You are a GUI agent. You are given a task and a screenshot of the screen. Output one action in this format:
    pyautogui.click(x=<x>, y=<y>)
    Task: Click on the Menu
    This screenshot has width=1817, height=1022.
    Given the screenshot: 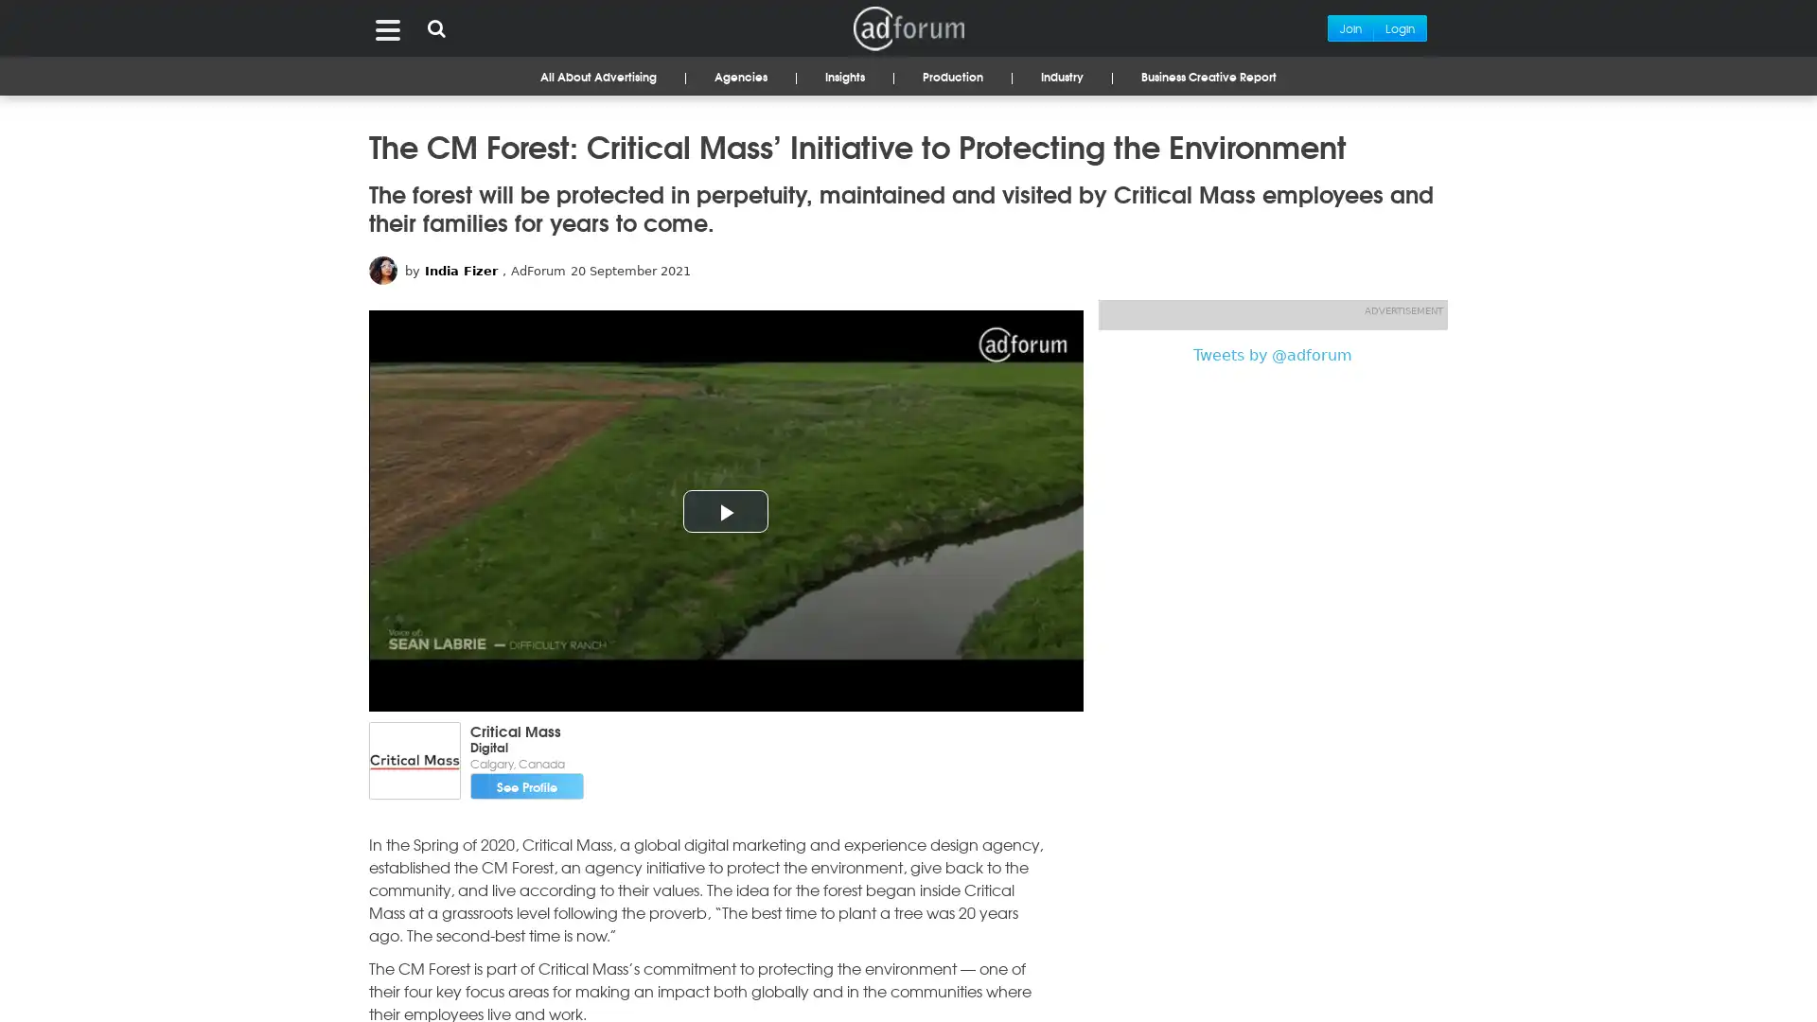 What is the action you would take?
    pyautogui.click(x=386, y=27)
    